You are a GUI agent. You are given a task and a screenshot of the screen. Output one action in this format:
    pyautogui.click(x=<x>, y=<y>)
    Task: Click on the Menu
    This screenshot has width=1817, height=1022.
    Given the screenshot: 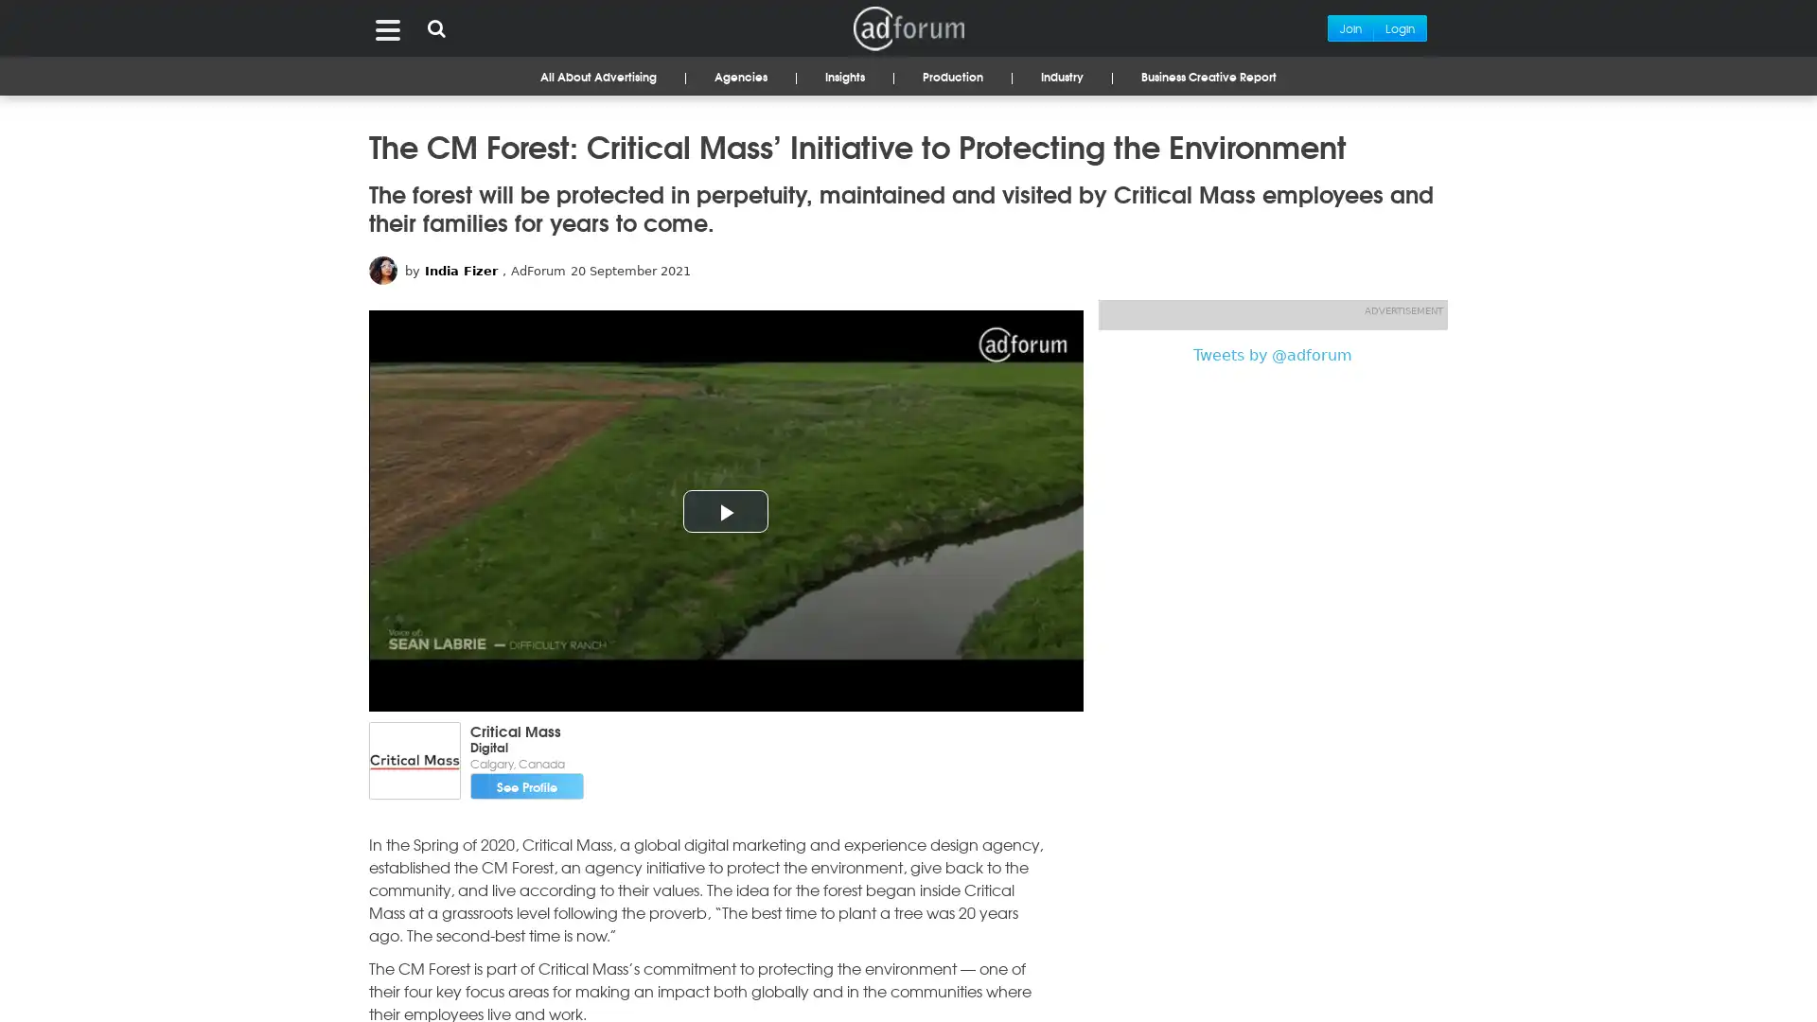 What is the action you would take?
    pyautogui.click(x=386, y=27)
    